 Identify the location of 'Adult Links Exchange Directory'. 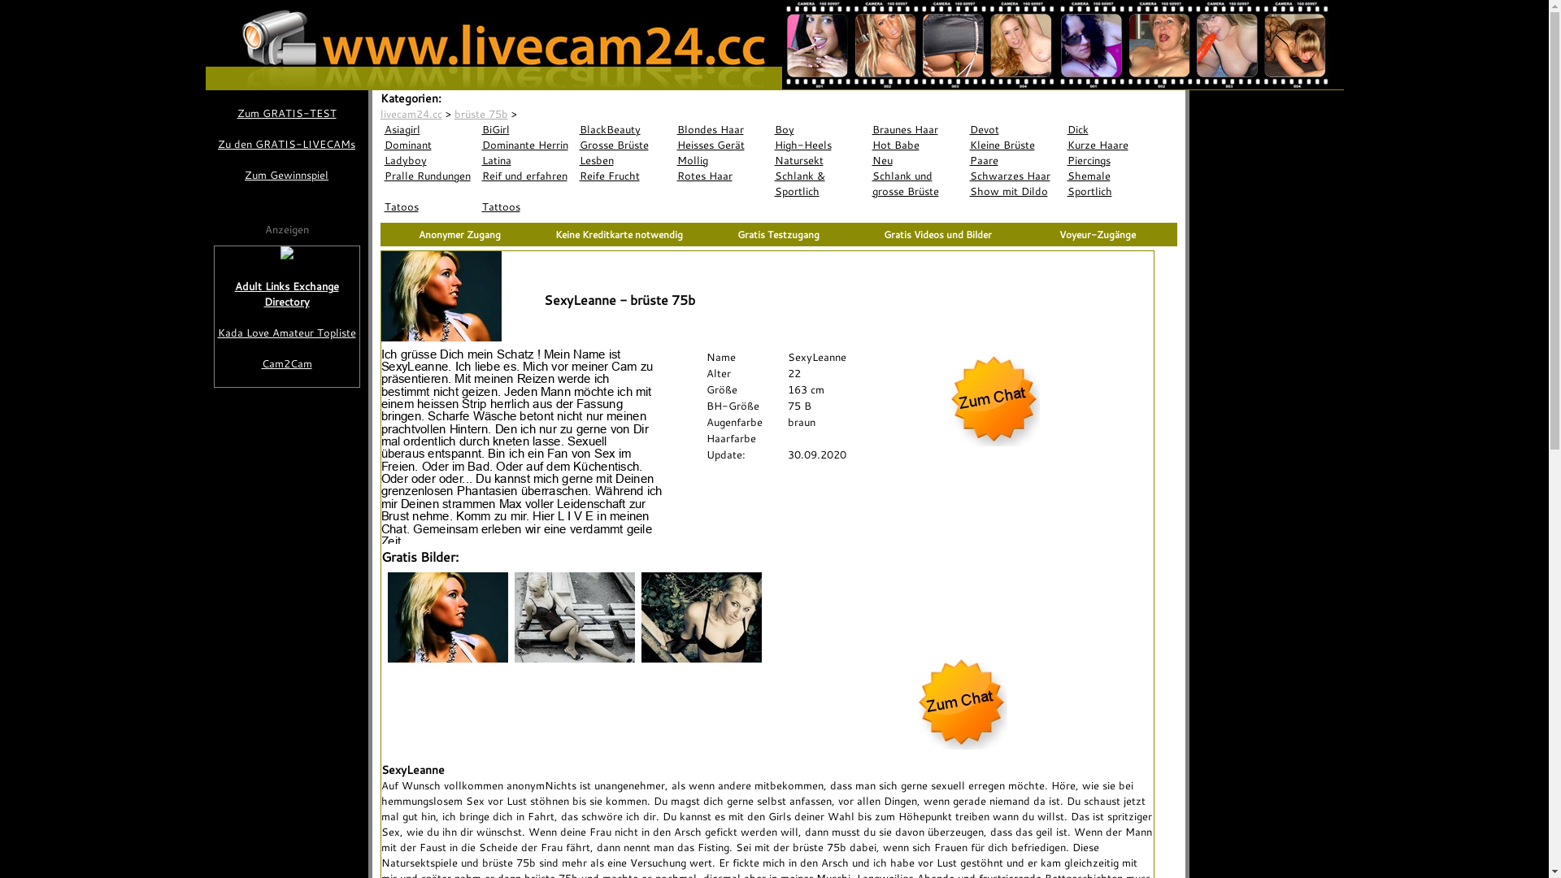
(287, 294).